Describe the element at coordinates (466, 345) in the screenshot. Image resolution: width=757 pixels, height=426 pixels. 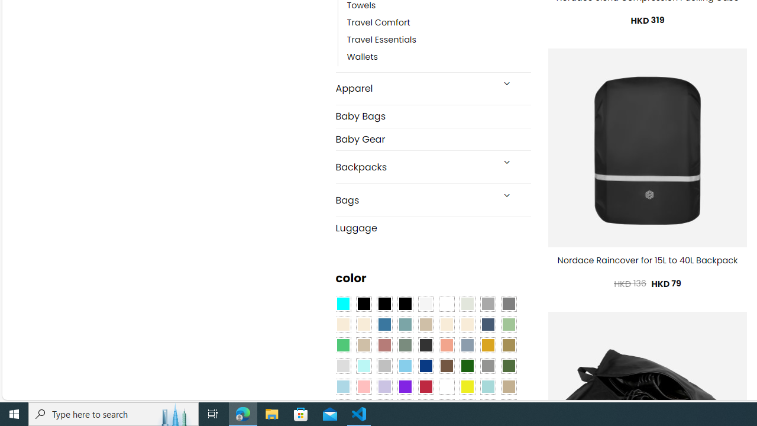
I see `'Dusty Blue'` at that location.